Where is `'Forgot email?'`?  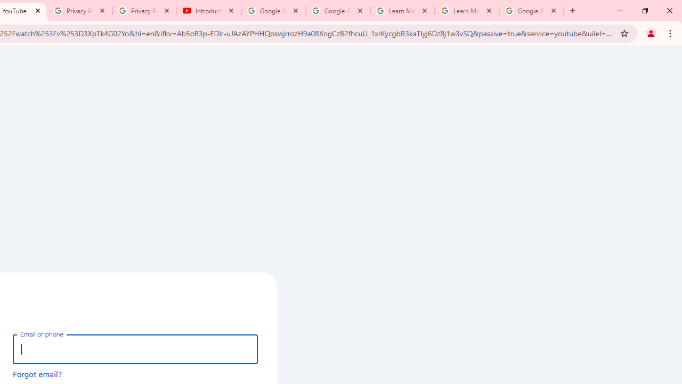 'Forgot email?' is located at coordinates (37, 373).